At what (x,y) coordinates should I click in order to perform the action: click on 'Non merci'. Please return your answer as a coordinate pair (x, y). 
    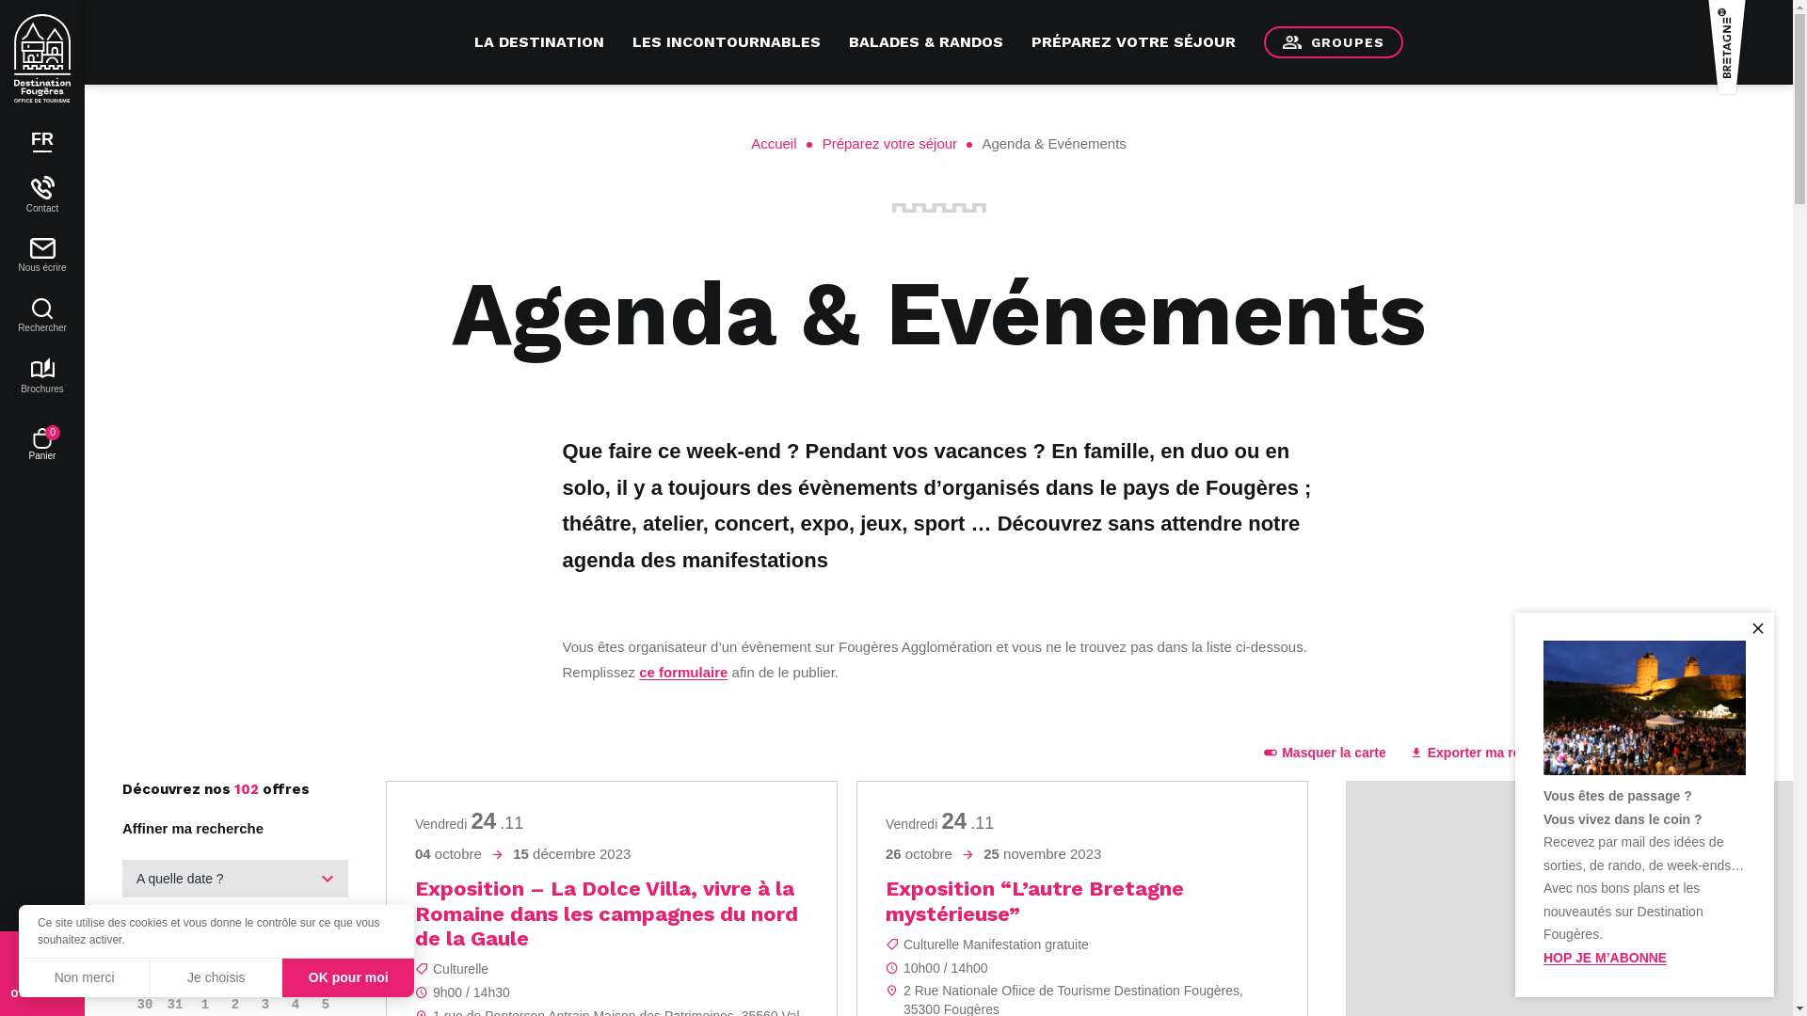
    Looking at the image, I should click on (84, 976).